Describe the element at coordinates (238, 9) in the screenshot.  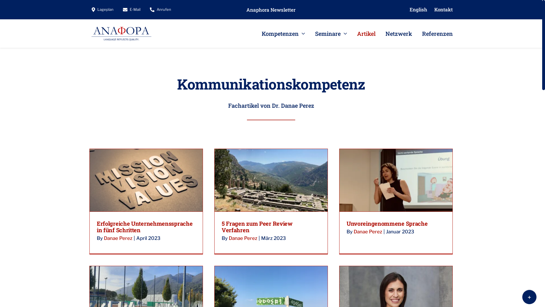
I see `'Anaphora Newsletter'` at that location.